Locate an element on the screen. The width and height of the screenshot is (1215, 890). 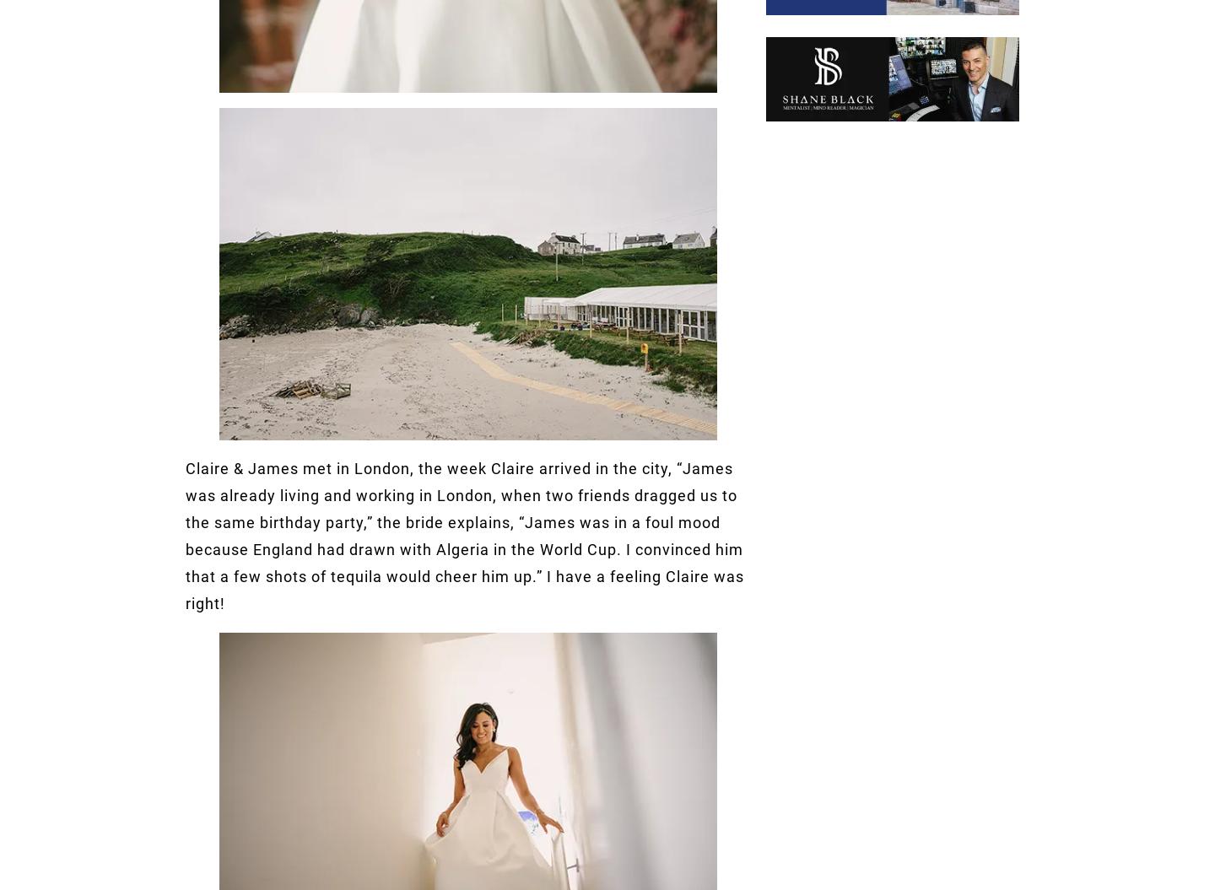
'Wedding Dresses' is located at coordinates (534, 439).